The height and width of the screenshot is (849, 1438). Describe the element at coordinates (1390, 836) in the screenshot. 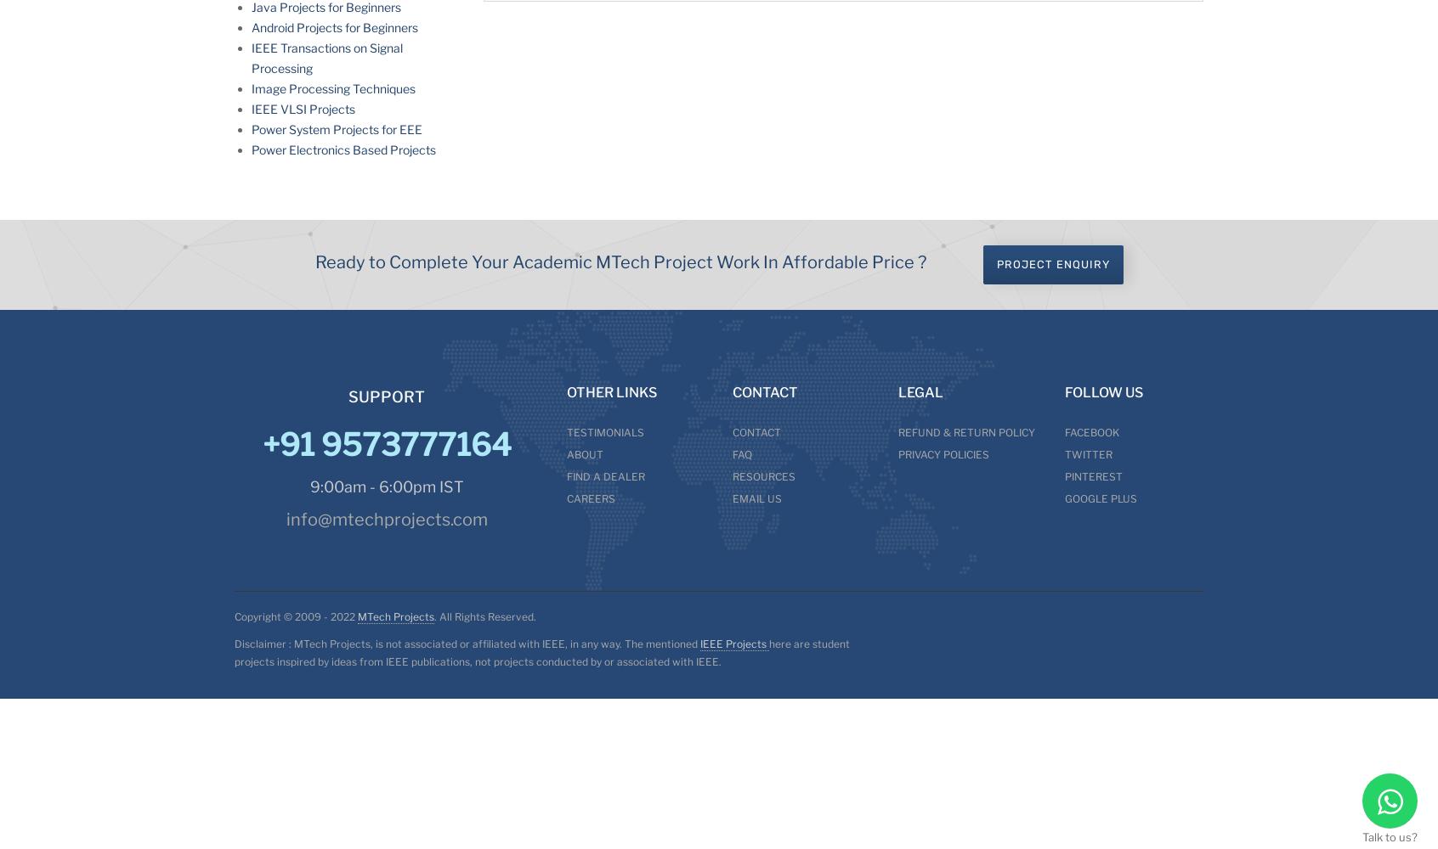

I see `'Talk to us?'` at that location.